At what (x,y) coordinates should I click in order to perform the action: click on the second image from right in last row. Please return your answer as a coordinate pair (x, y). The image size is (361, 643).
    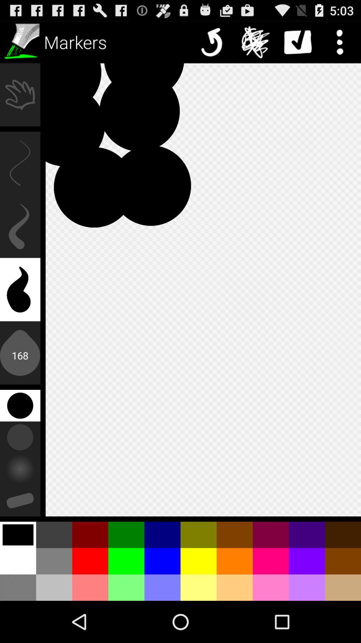
    Looking at the image, I should click on (307, 587).